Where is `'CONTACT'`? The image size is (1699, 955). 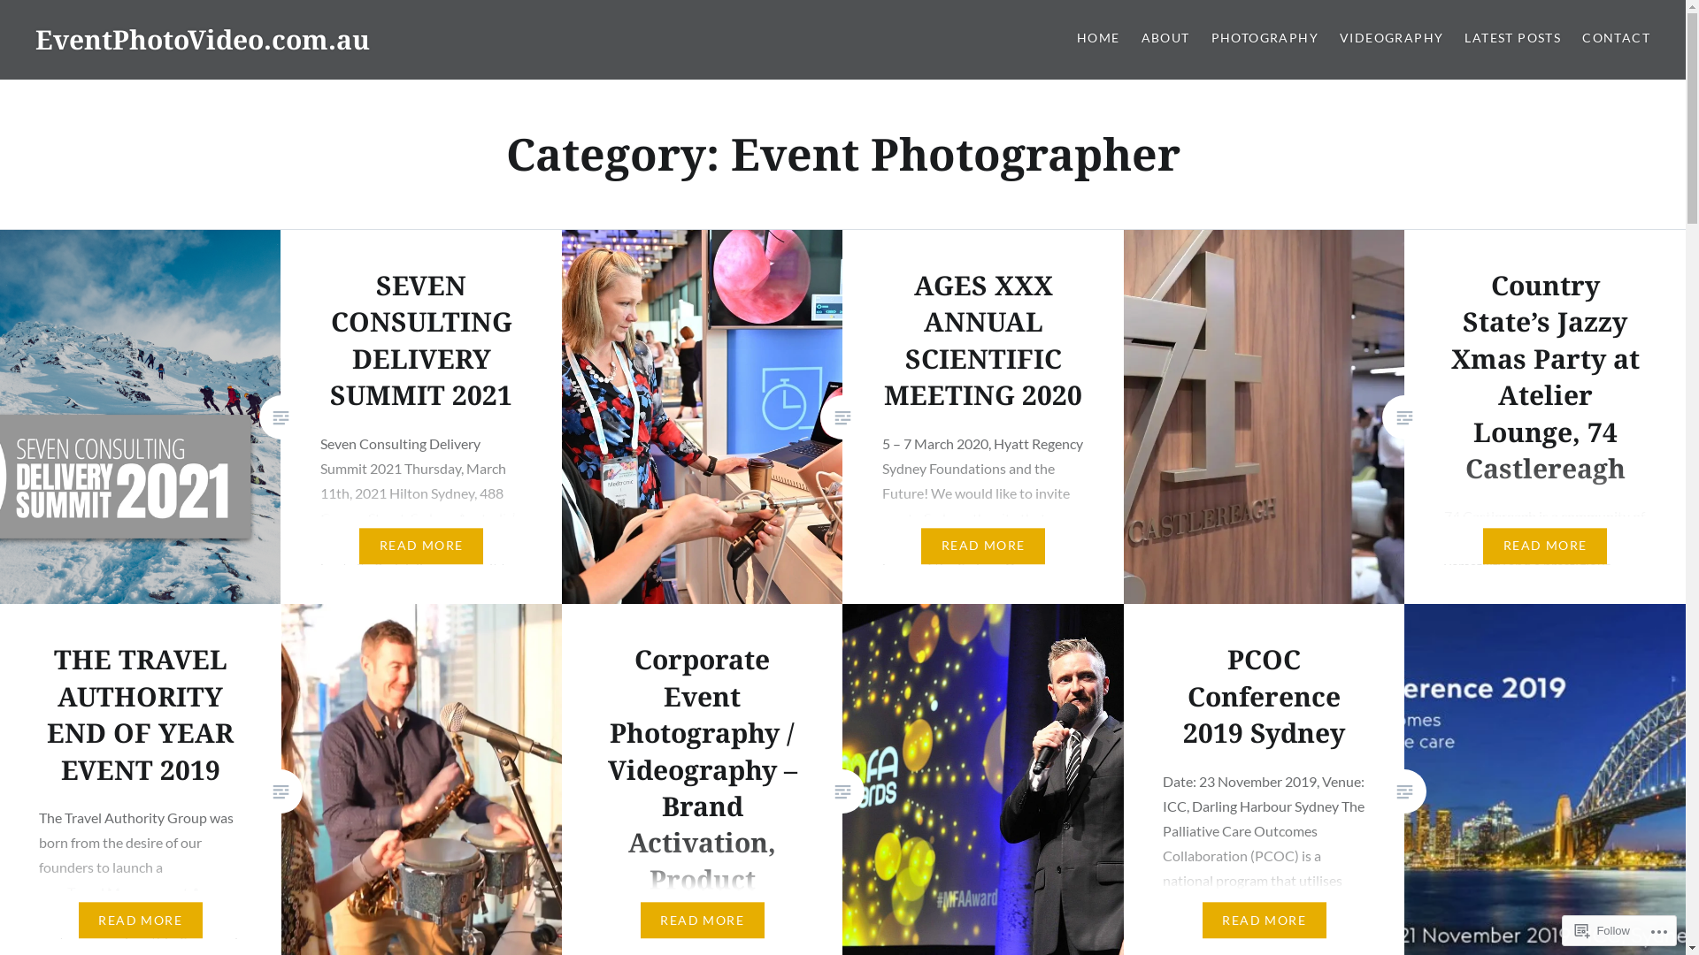 'CONTACT' is located at coordinates (1582, 38).